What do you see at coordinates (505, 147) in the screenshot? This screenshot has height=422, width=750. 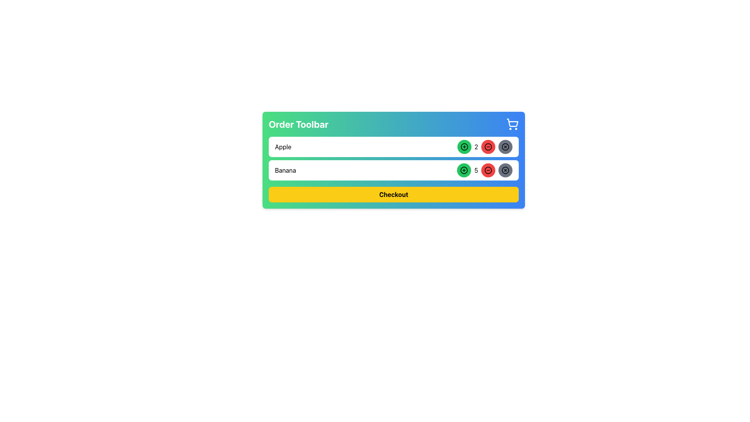 I see `the remove button, which is the third circular icon in the second row of the item list, located next to the 'Banana' label` at bounding box center [505, 147].